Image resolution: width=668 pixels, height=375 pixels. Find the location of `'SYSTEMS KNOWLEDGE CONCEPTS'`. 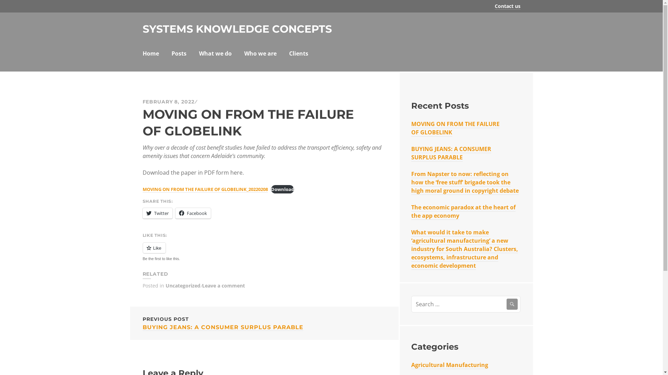

'SYSTEMS KNOWLEDGE CONCEPTS' is located at coordinates (237, 28).